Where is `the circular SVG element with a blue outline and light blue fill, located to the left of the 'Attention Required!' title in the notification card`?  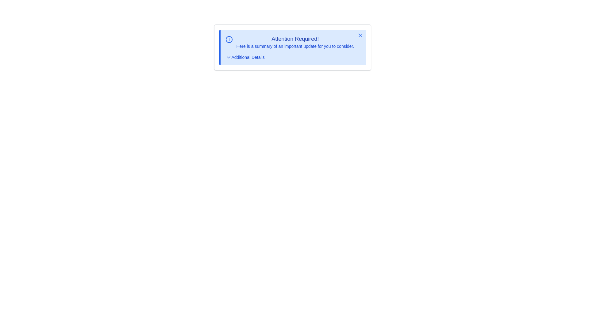 the circular SVG element with a blue outline and light blue fill, located to the left of the 'Attention Required!' title in the notification card is located at coordinates (229, 39).